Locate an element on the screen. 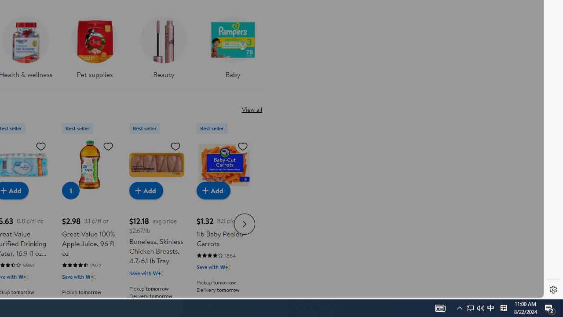  'Sign in to add to Favorites list, 1lb Baby Peeled Carrots' is located at coordinates (243, 145).